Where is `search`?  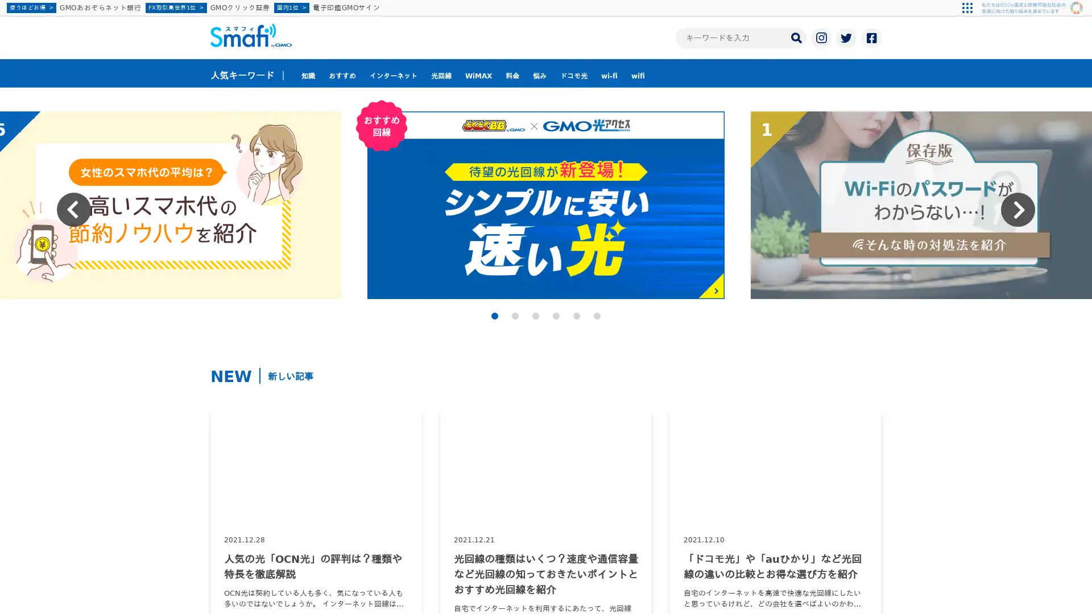
search is located at coordinates (796, 36).